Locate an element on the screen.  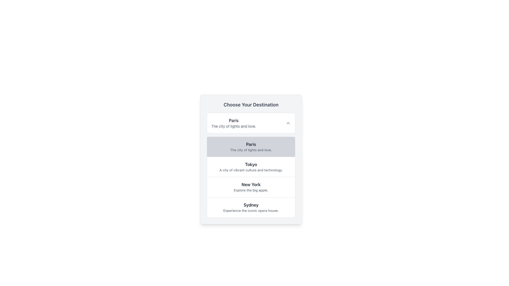
the text label indicating the name of the city 'Paris' in the expandable list or menu is located at coordinates (251, 144).